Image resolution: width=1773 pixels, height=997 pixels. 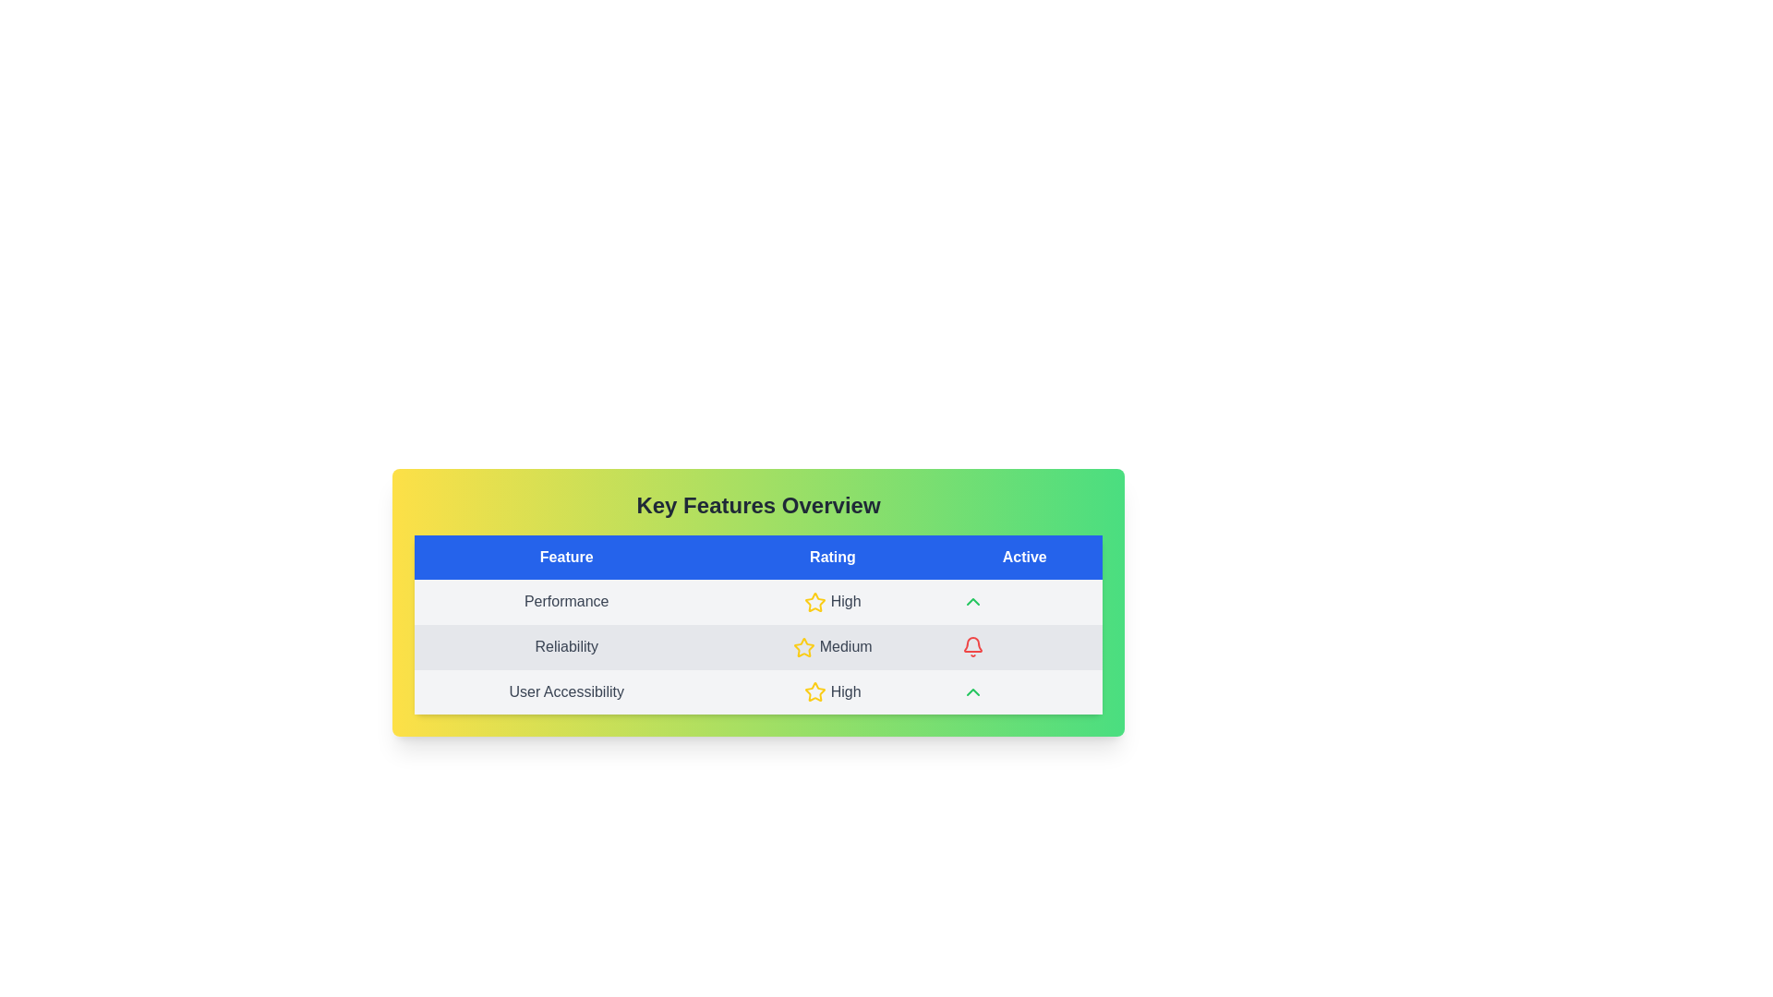 I want to click on third row of the structured summary table, which displays a feature's name, rating, and state, for accessibility, so click(x=758, y=691).